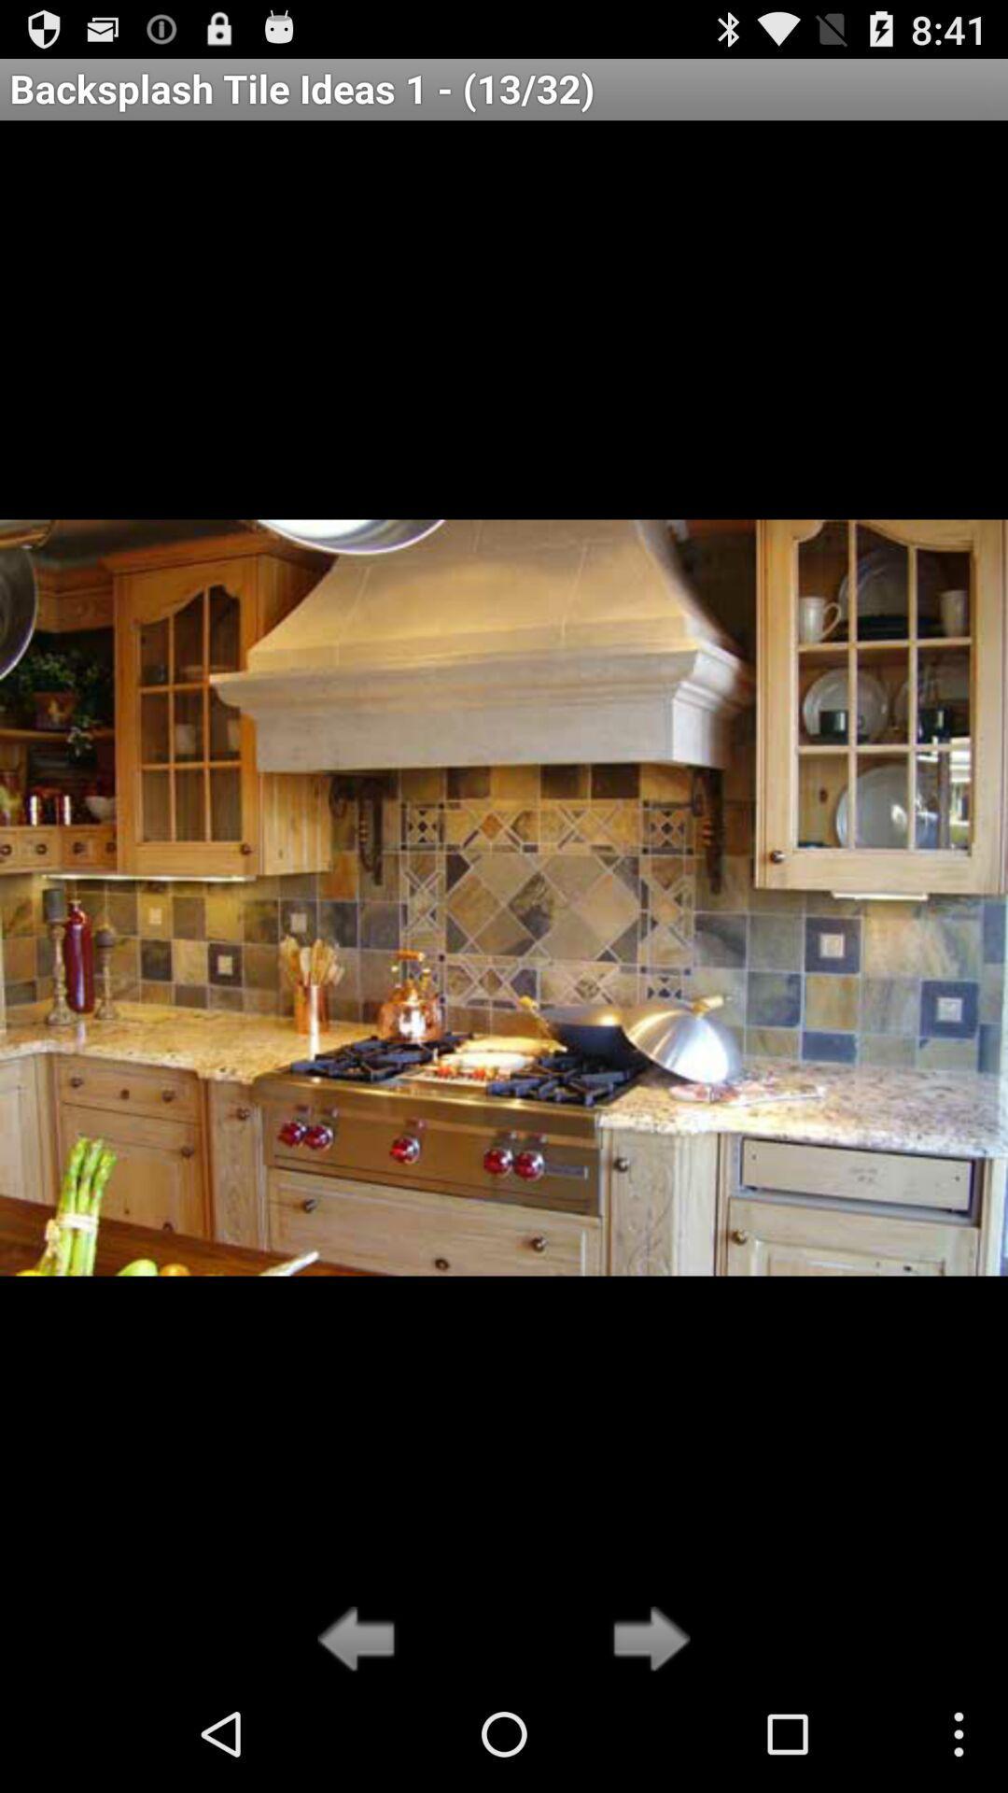 The height and width of the screenshot is (1793, 1008). What do you see at coordinates (645, 1640) in the screenshot?
I see `item below backsplash tile ideas app` at bounding box center [645, 1640].